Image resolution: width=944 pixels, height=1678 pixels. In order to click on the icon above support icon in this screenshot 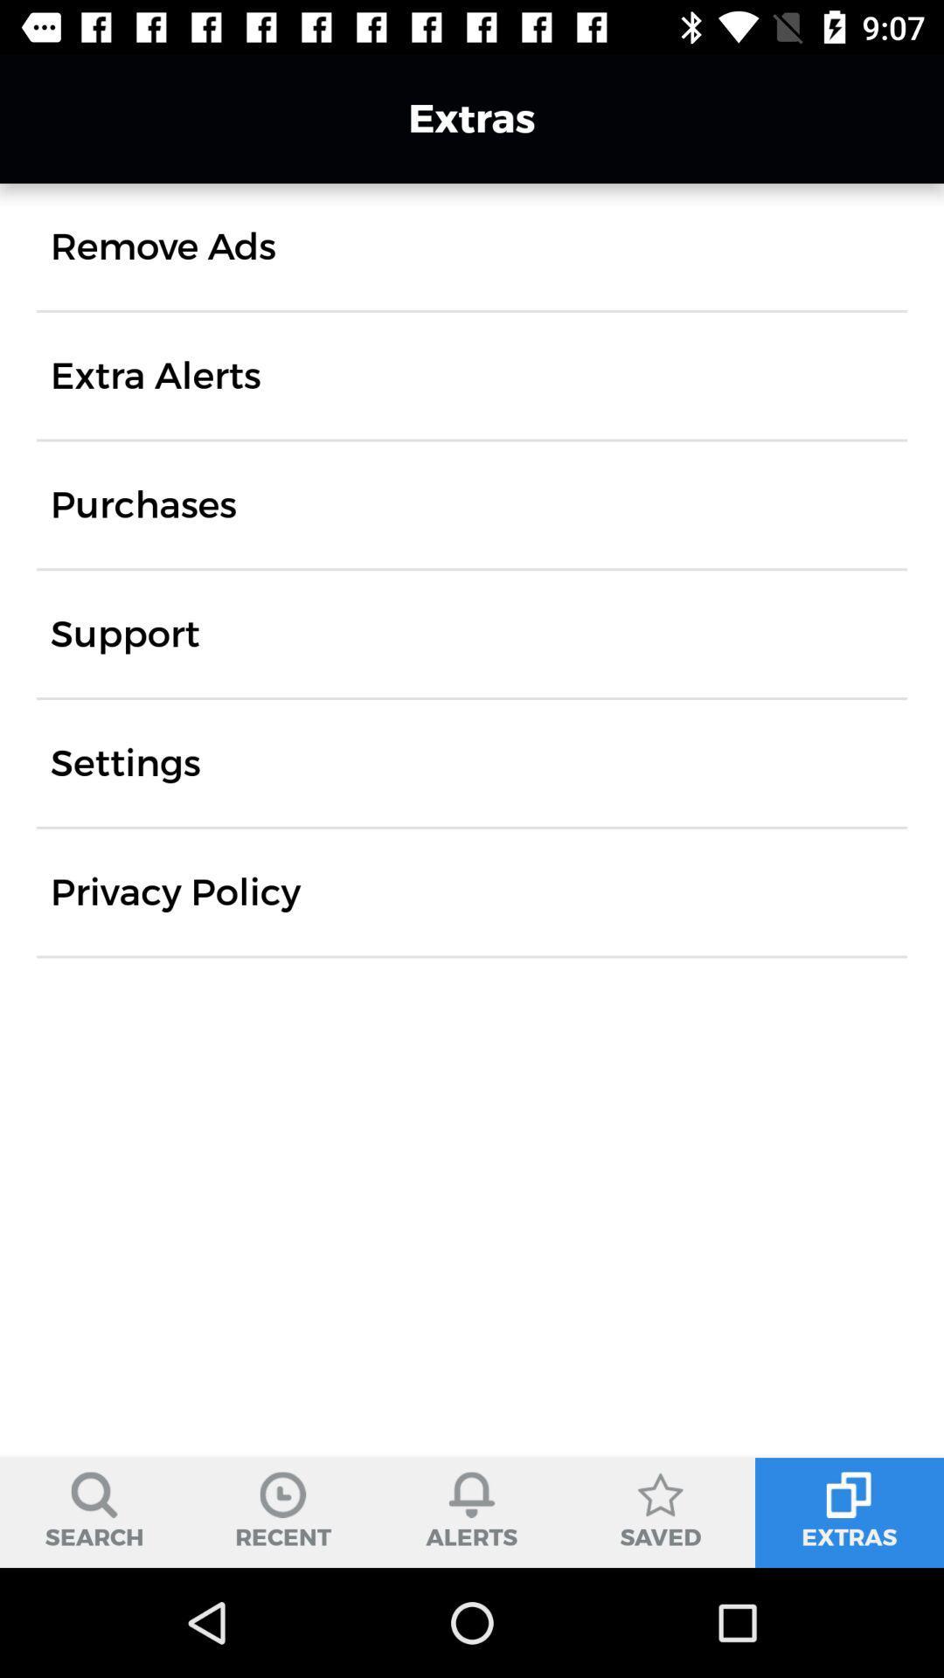, I will do `click(142, 503)`.